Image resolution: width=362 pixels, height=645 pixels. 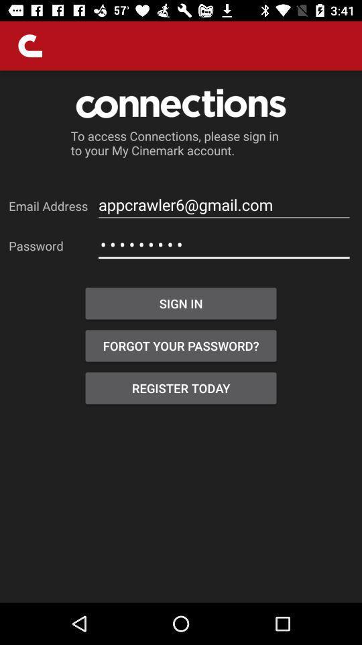 What do you see at coordinates (224, 205) in the screenshot?
I see `item to the right of email address icon` at bounding box center [224, 205].